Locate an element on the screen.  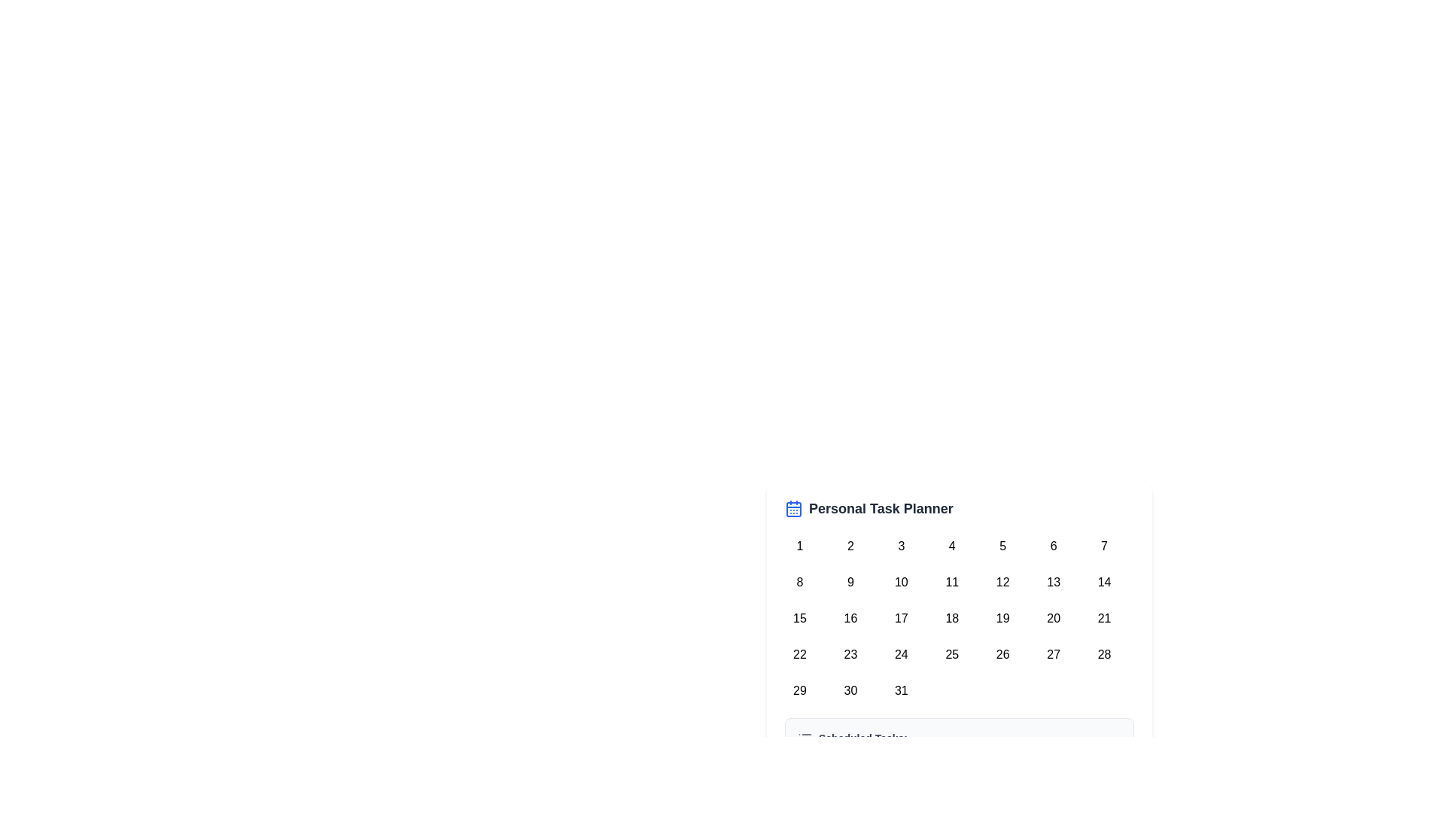
the button representing the 19th day of the month in the Personal Task Planner calendar is located at coordinates (1002, 618).